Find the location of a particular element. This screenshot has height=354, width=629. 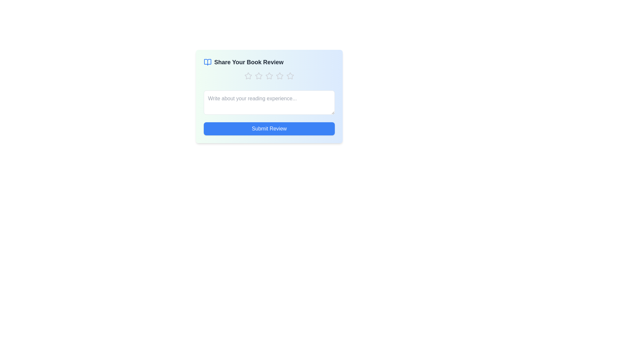

the 'Submit Review' button to submit the review is located at coordinates (269, 129).